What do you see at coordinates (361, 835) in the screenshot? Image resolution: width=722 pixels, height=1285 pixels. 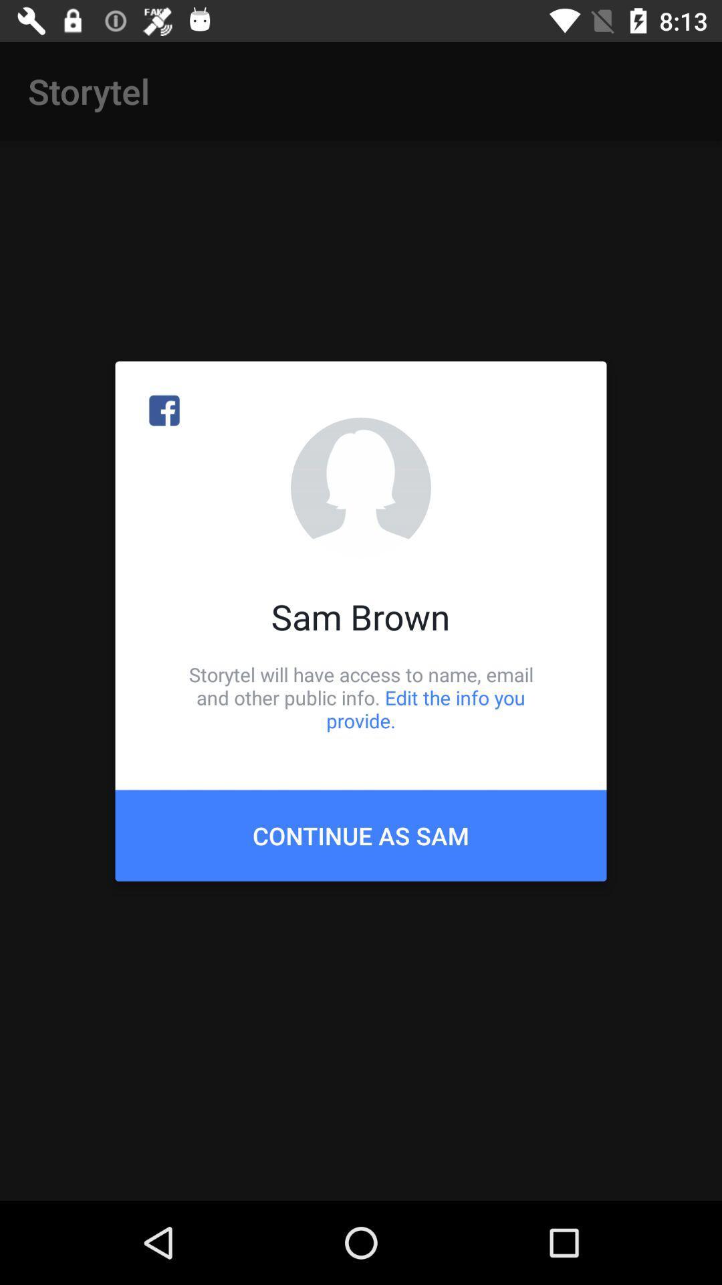 I see `the icon below storytel will have item` at bounding box center [361, 835].